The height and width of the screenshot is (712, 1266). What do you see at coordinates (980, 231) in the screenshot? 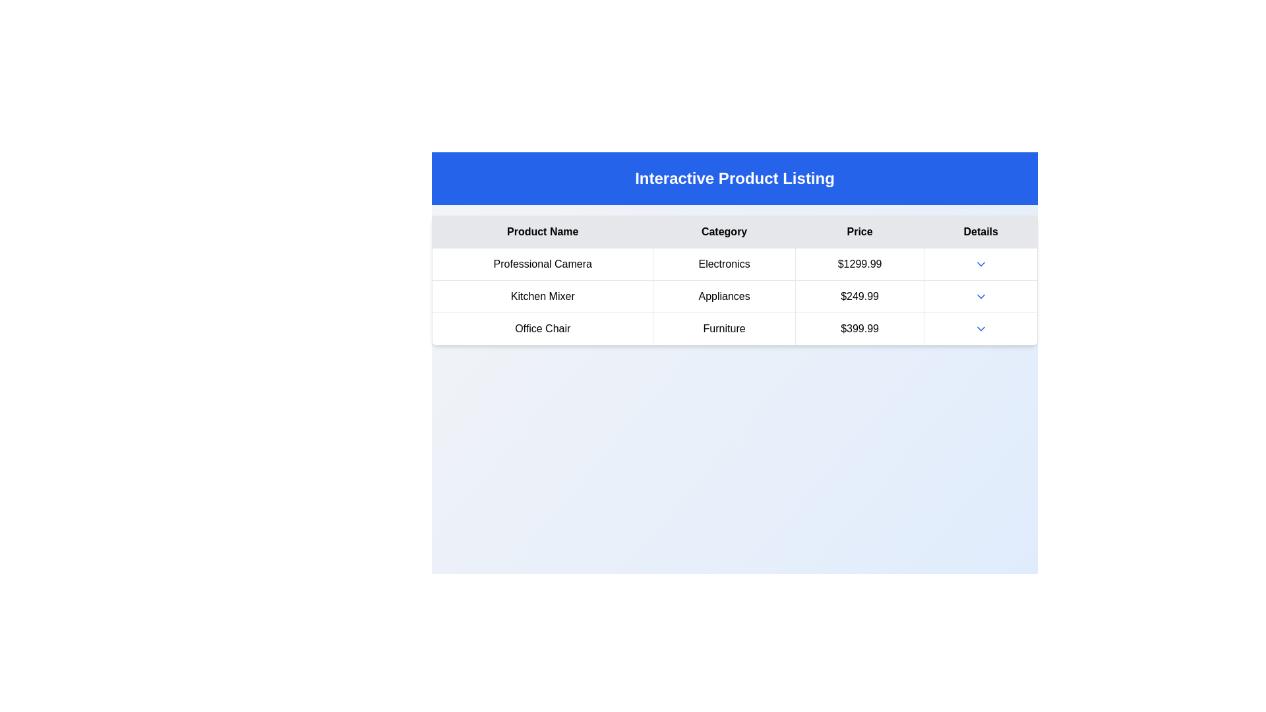
I see `the 'Details' table header, which is the fourth column header in the table with a light gray background and dark text` at bounding box center [980, 231].